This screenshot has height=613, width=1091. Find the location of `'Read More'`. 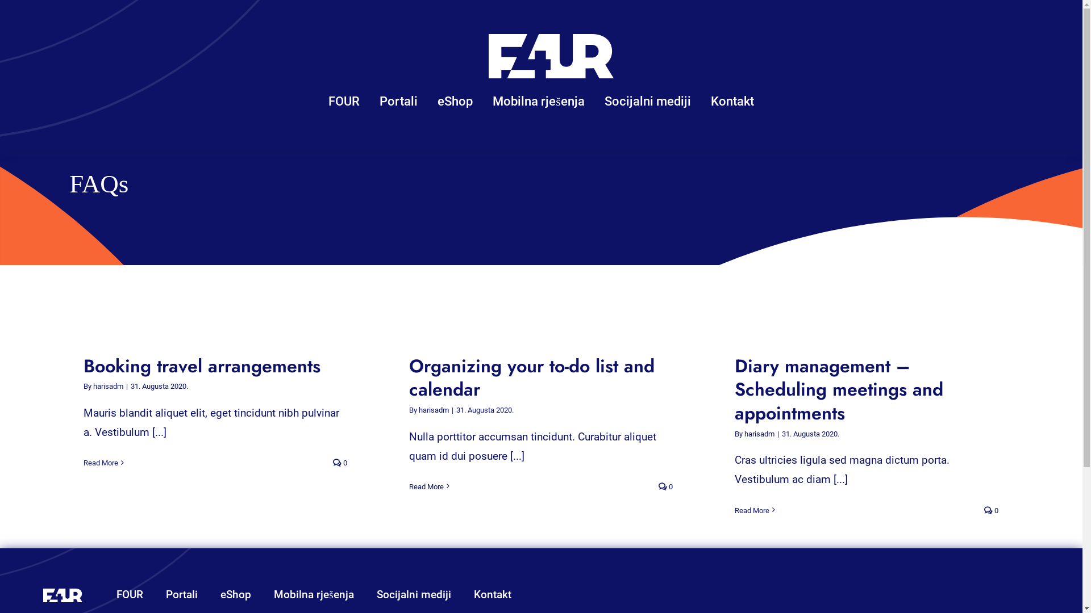

'Read More' is located at coordinates (426, 486).